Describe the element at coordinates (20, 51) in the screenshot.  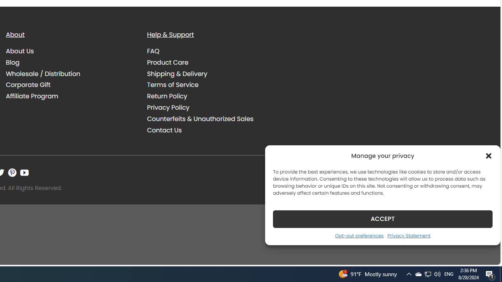
I see `'About Us'` at that location.